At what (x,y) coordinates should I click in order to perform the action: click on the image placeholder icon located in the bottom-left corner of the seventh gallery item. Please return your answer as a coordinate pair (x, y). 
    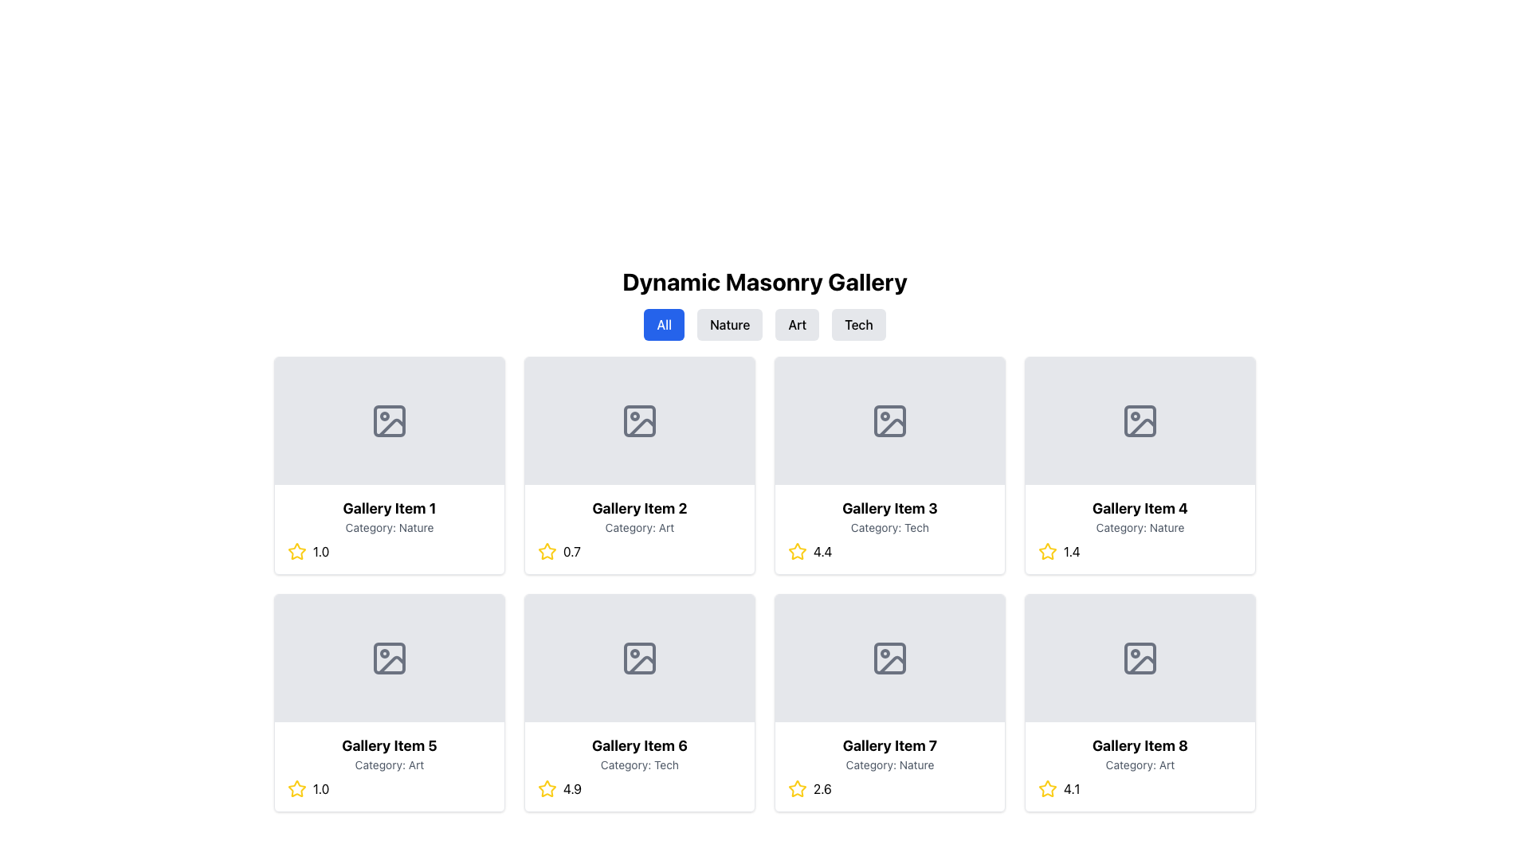
    Looking at the image, I should click on (889, 658).